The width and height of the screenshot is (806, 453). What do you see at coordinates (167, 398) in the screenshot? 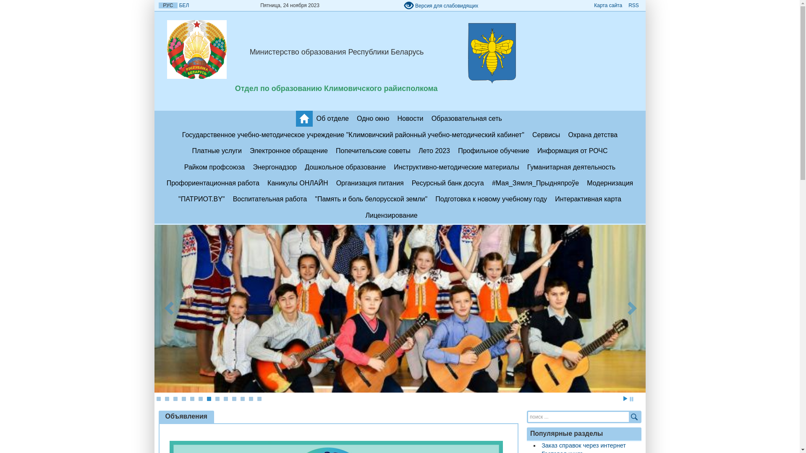
I see `'2'` at bounding box center [167, 398].